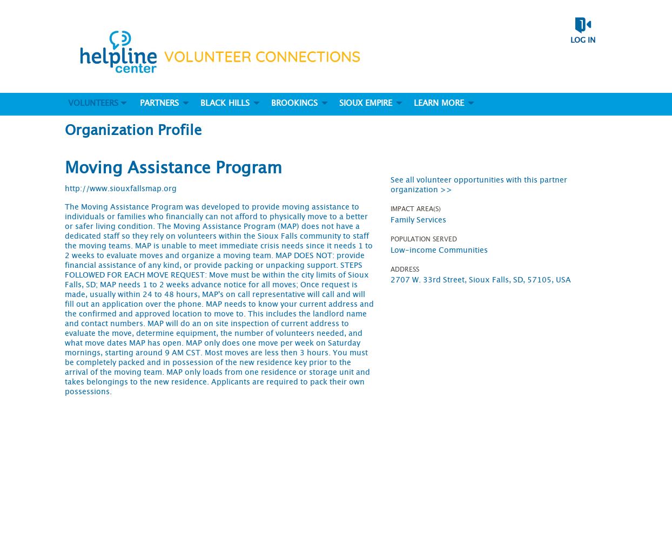 This screenshot has height=540, width=672. What do you see at coordinates (415, 209) in the screenshot?
I see `'Impact Area(s)'` at bounding box center [415, 209].